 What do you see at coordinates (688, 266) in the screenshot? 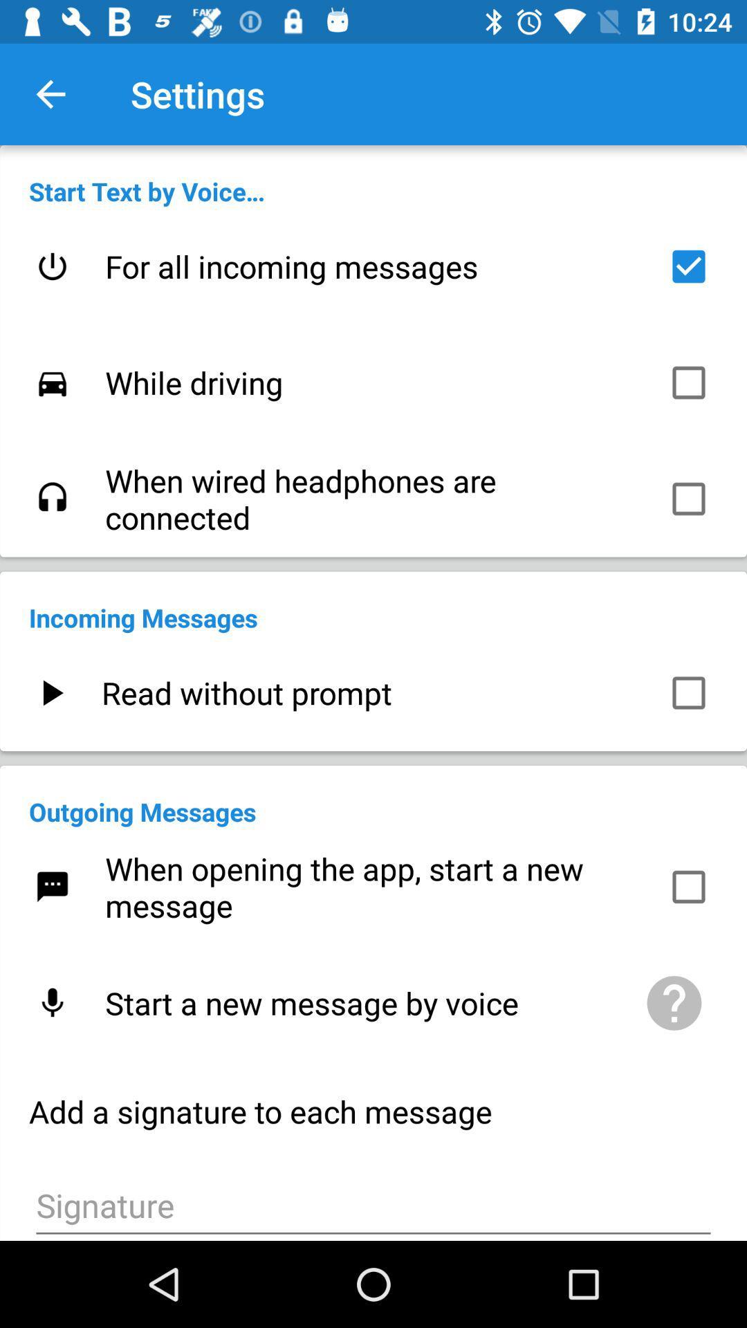
I see `icon to the right of the for all incoming` at bounding box center [688, 266].